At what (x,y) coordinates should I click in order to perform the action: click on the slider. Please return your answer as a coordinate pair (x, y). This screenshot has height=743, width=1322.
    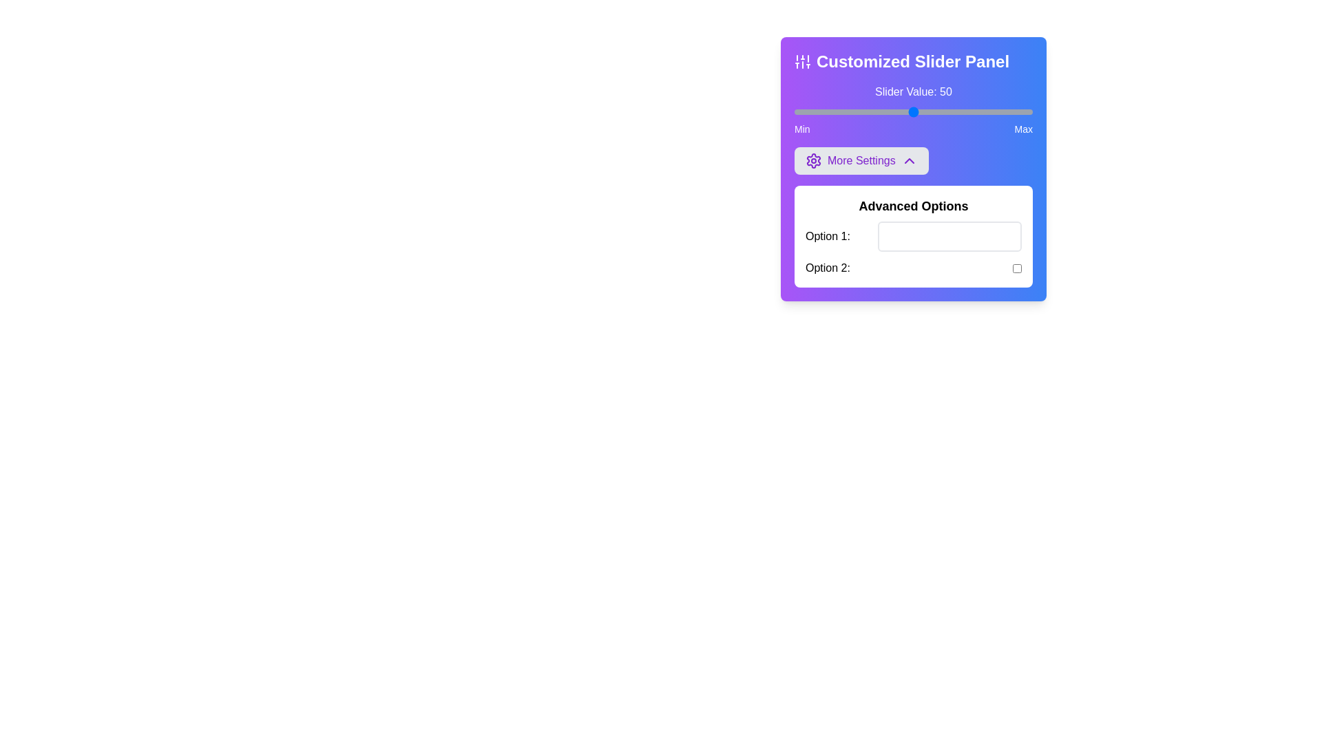
    Looking at the image, I should click on (827, 111).